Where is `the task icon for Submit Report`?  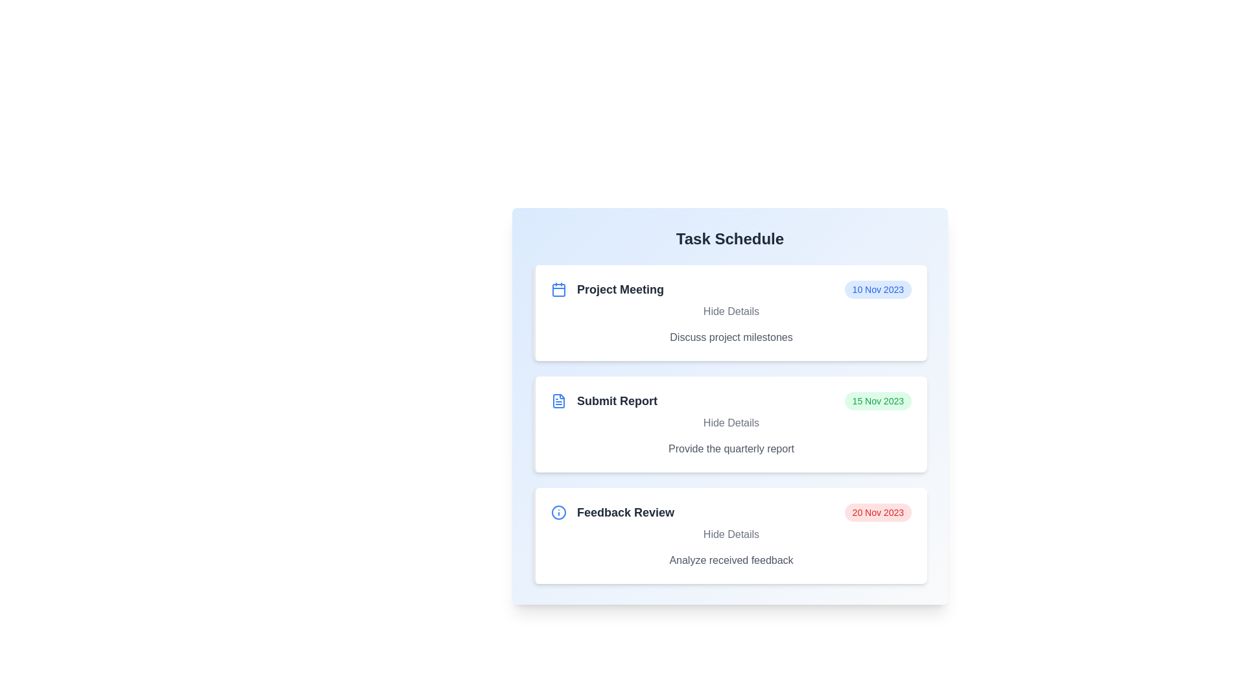 the task icon for Submit Report is located at coordinates (559, 400).